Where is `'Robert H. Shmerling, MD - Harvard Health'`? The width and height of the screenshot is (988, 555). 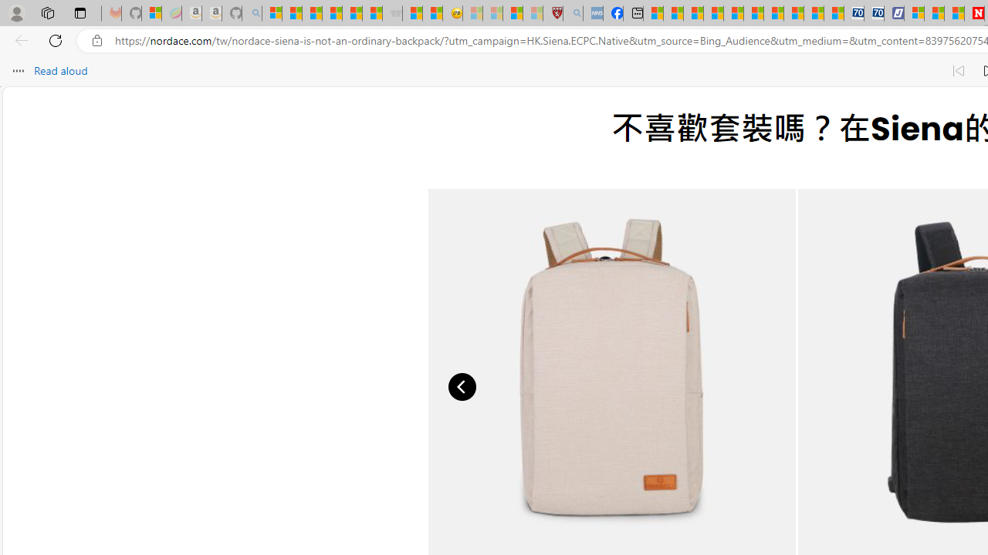 'Robert H. Shmerling, MD - Harvard Health' is located at coordinates (553, 13).